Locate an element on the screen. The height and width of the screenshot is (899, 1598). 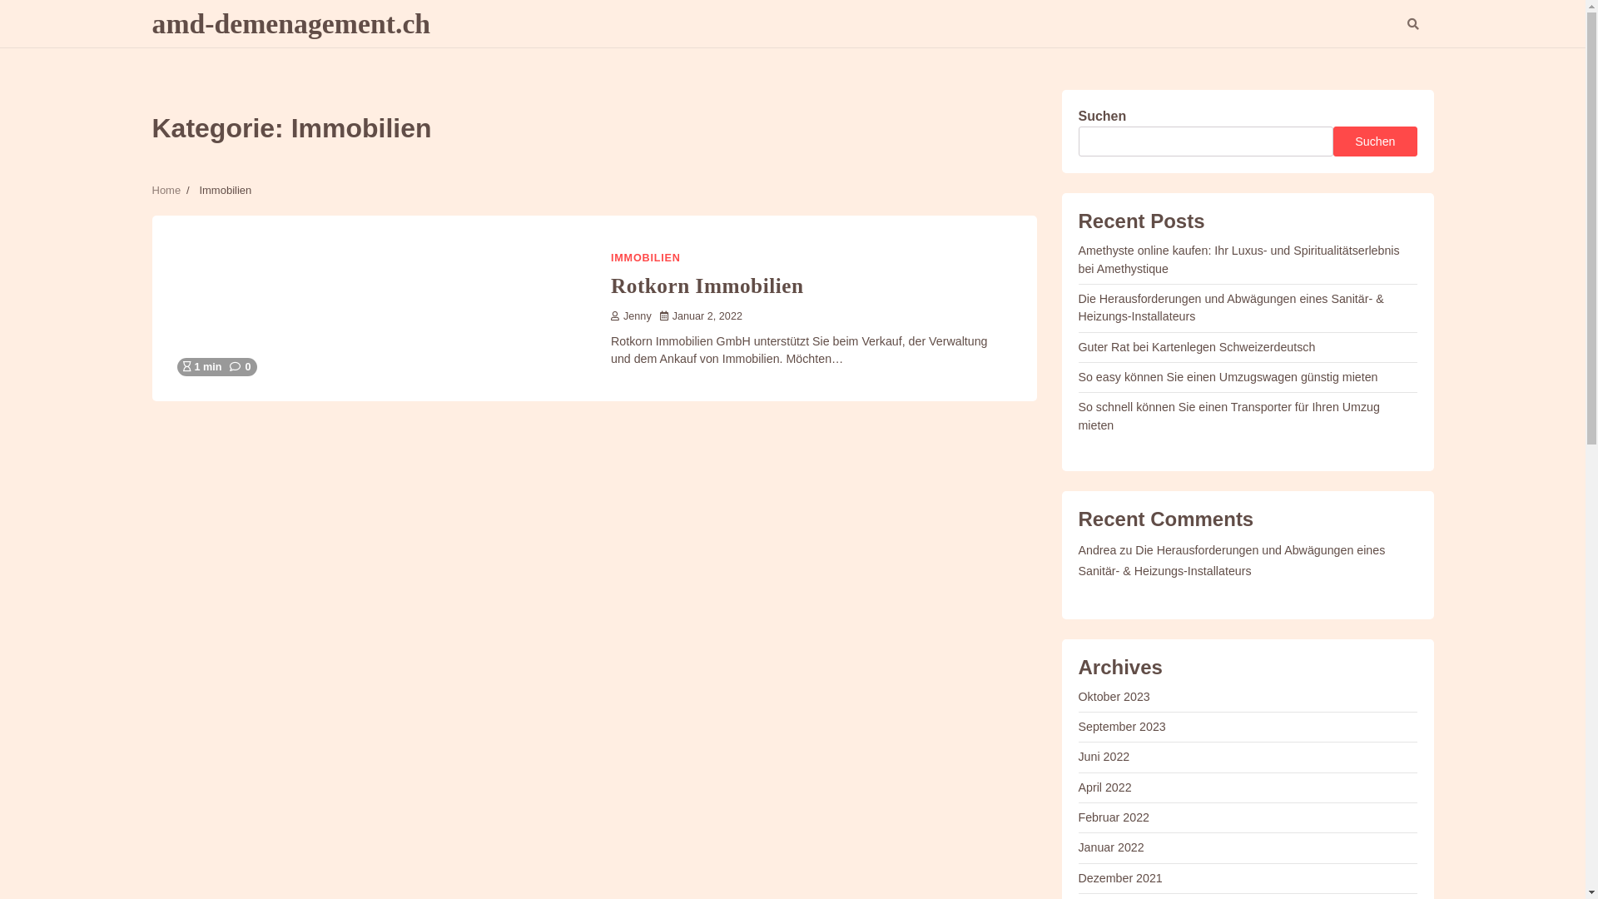
'Juni 2022' is located at coordinates (1104, 757).